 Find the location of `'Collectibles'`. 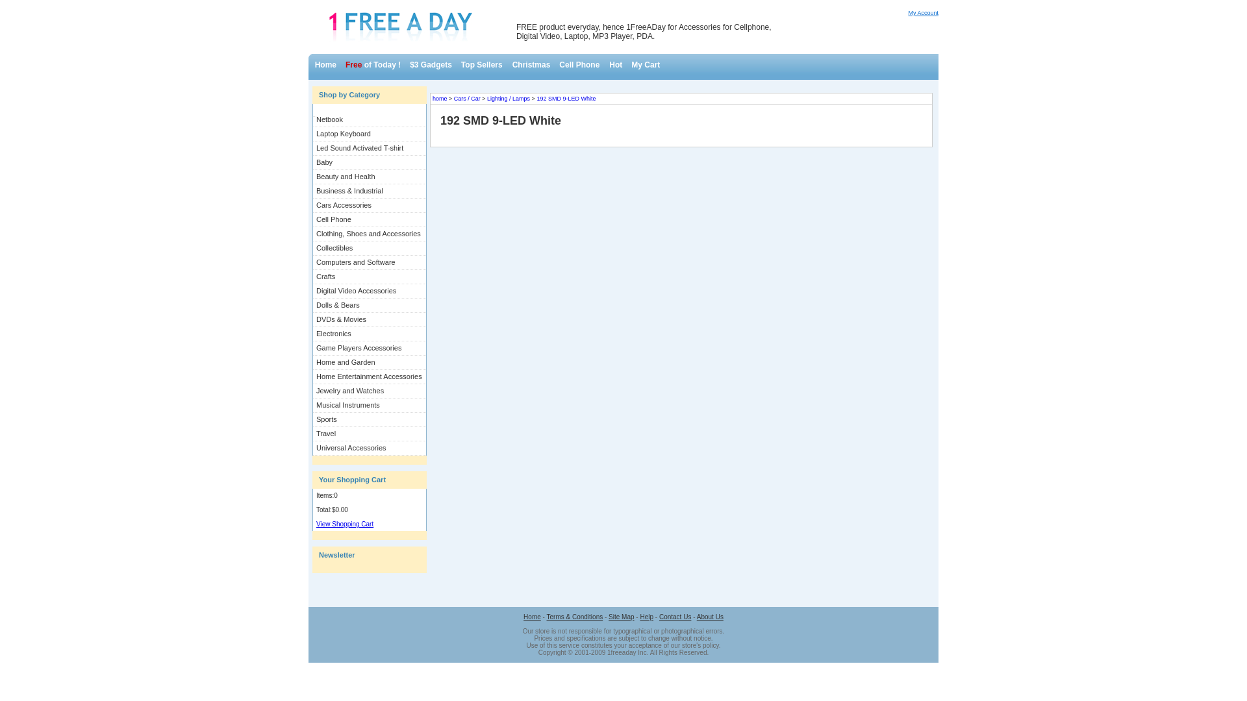

'Collectibles' is located at coordinates (316, 247).